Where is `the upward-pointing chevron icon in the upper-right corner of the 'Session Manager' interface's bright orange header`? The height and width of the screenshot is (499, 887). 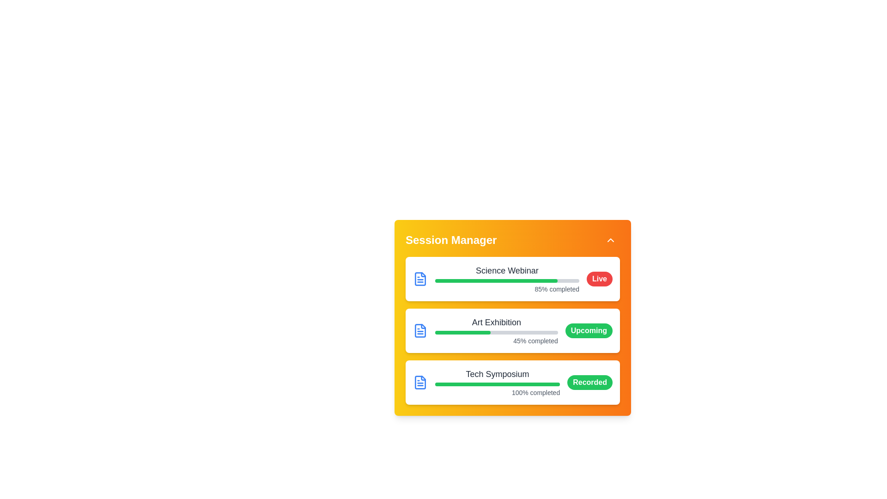
the upward-pointing chevron icon in the upper-right corner of the 'Session Manager' interface's bright orange header is located at coordinates (610, 240).